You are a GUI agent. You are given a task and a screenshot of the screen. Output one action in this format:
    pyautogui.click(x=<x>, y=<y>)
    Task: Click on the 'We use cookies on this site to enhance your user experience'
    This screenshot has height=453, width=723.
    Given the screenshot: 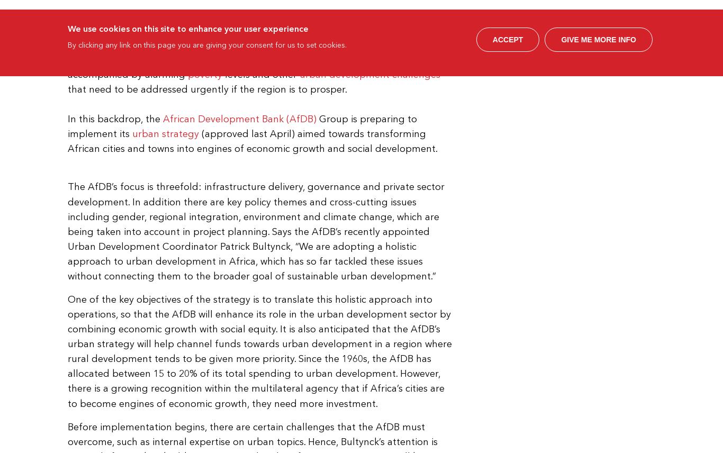 What is the action you would take?
    pyautogui.click(x=187, y=27)
    